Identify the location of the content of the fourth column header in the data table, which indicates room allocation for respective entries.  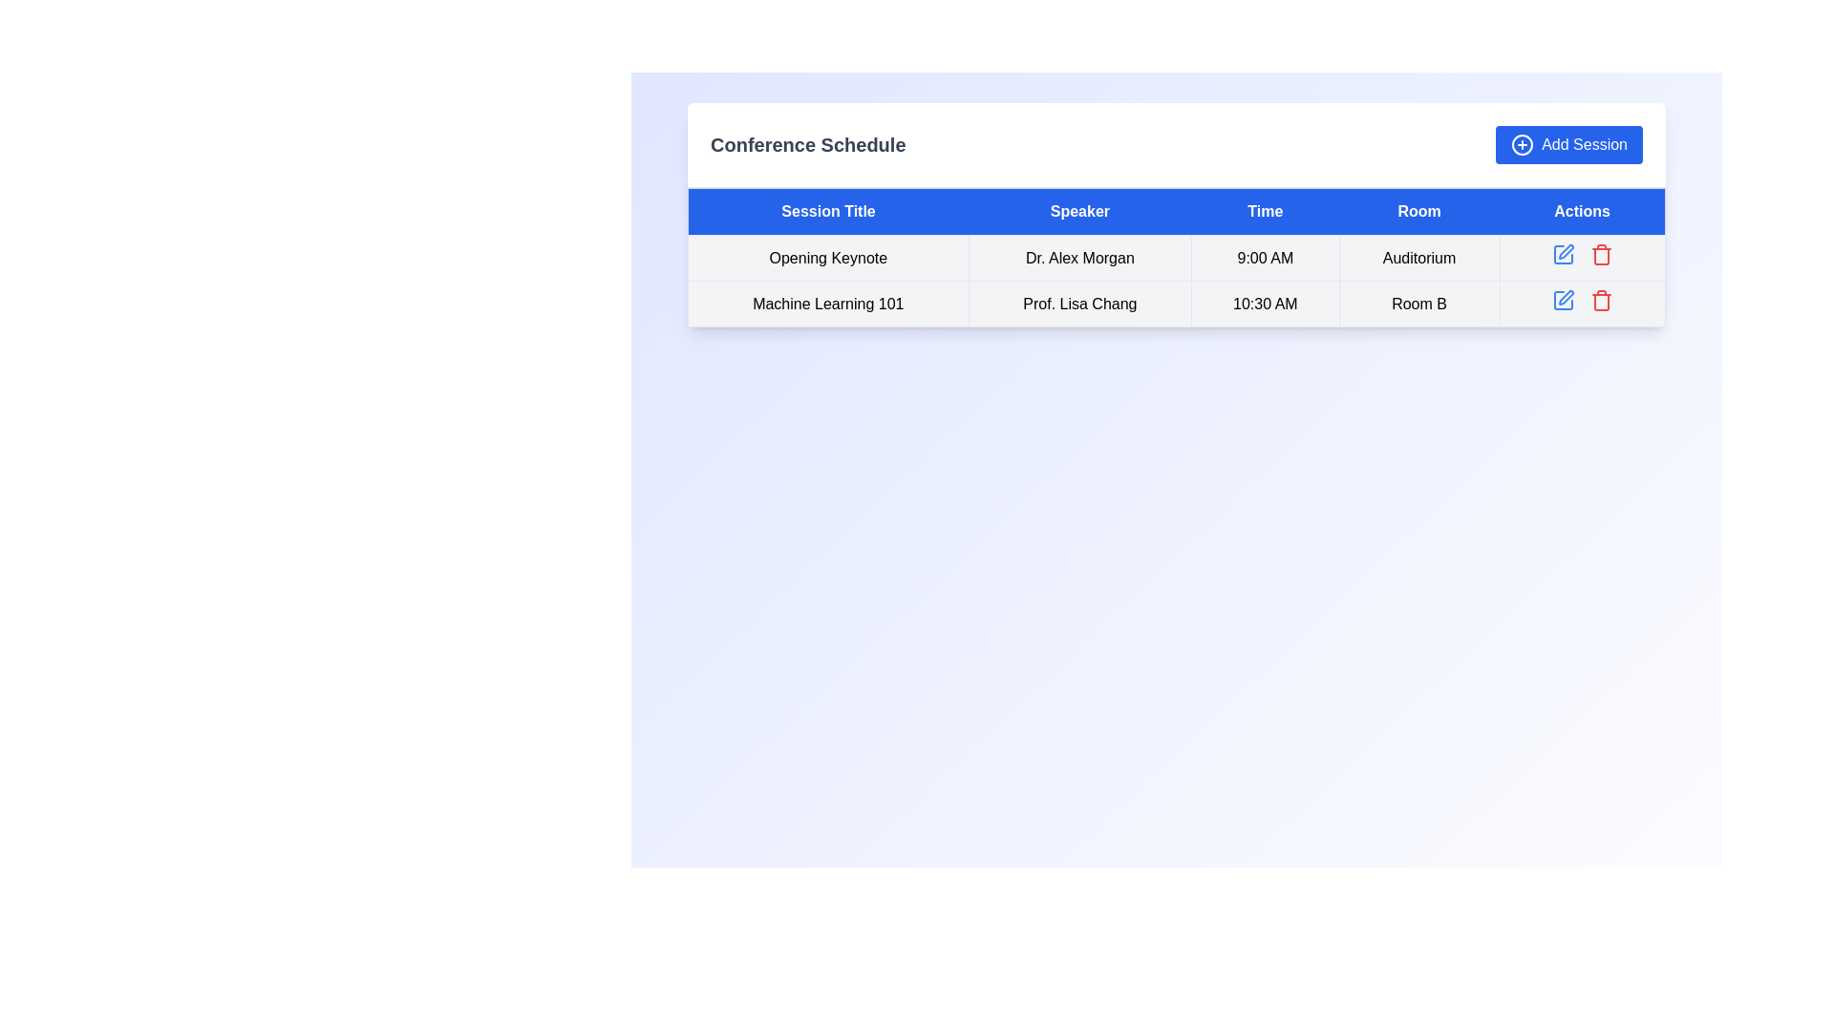
(1419, 212).